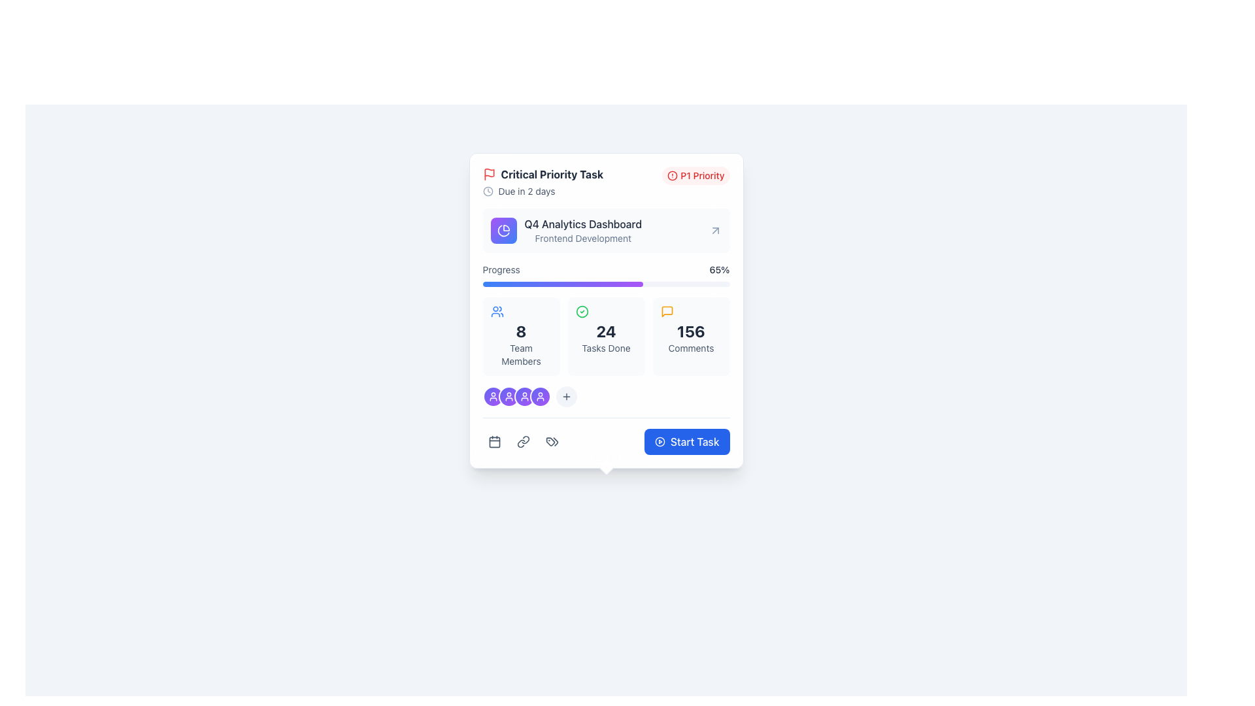 The height and width of the screenshot is (706, 1255). Describe the element at coordinates (524, 395) in the screenshot. I see `the user icon located in the lower left section of the card interface, which represents a user or team member associated with the task` at that location.